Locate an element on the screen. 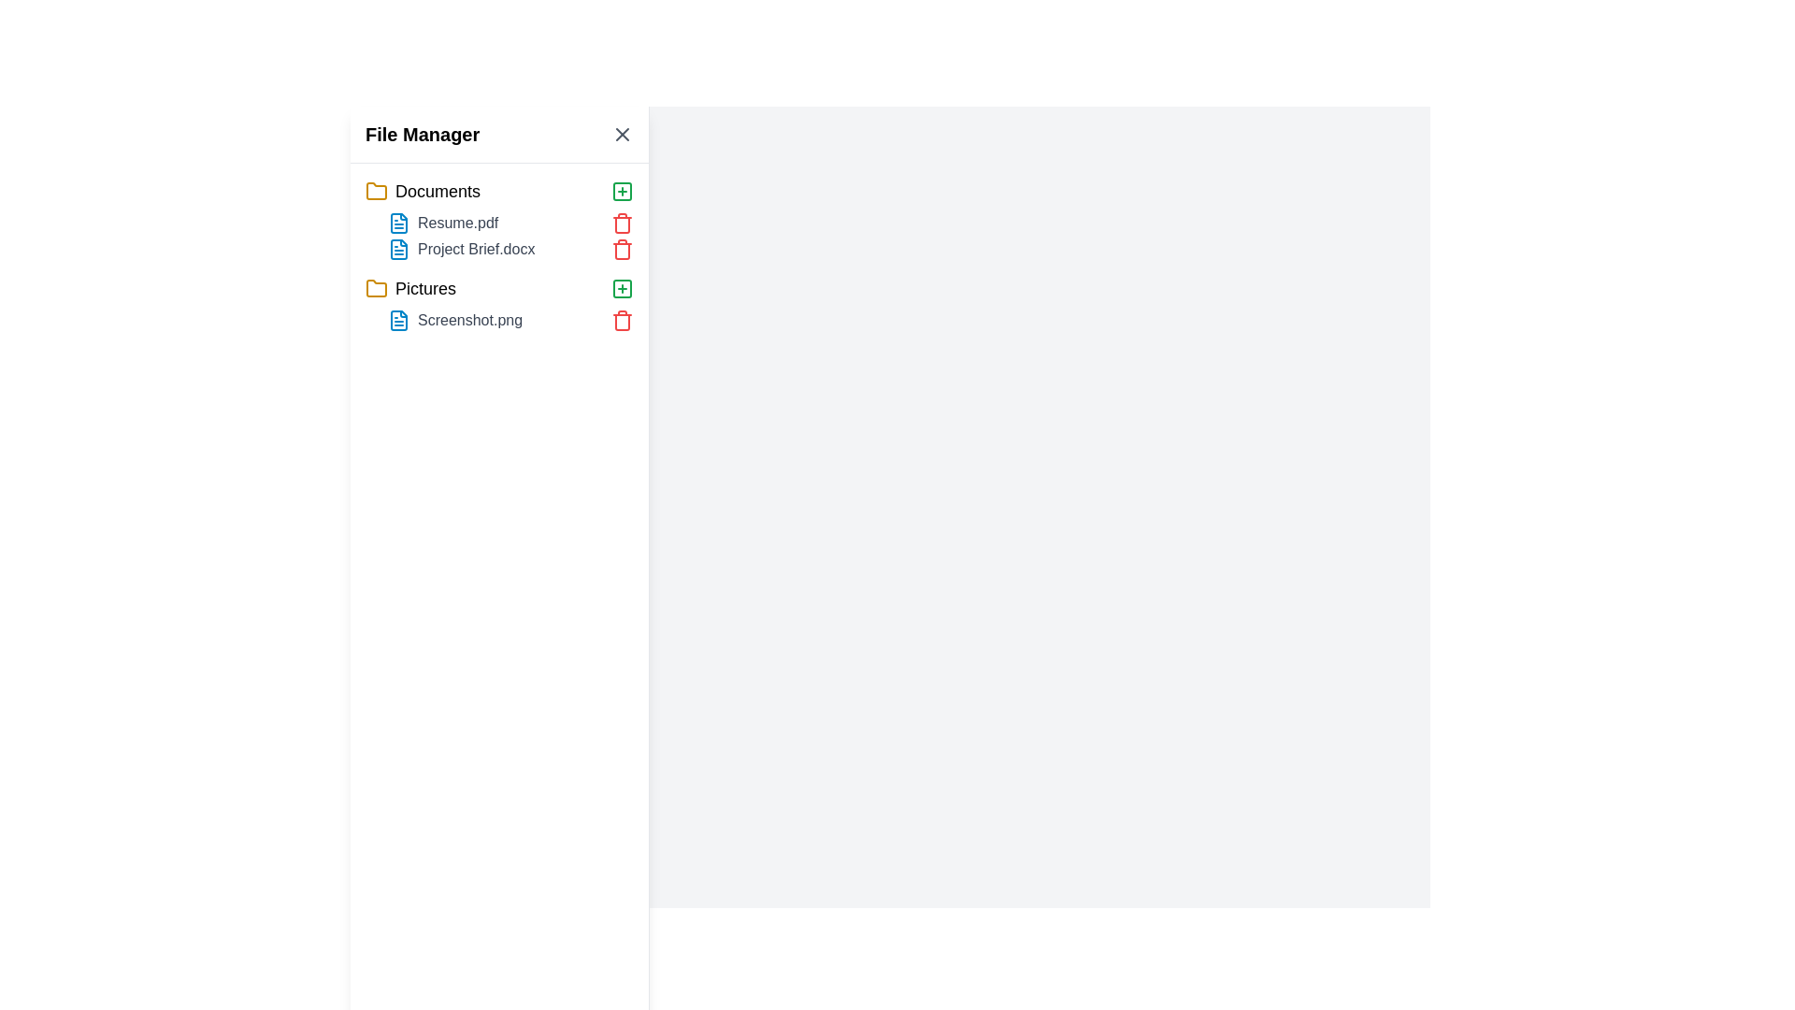  the 'Resume.pdf' file icon located in the 'File Manager' section under 'Documents' to interact with the file it represents is located at coordinates (398, 223).